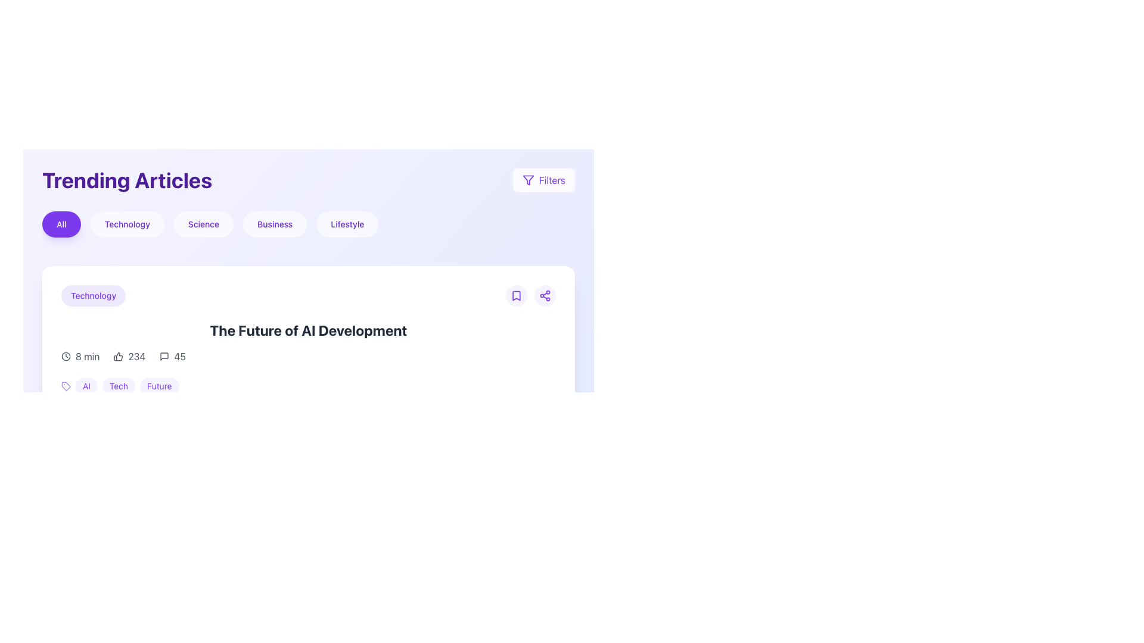 This screenshot has width=1144, height=643. Describe the element at coordinates (203, 224) in the screenshot. I see `the 'Science' button, which is a rounded rectangle with a bold violet label` at that location.